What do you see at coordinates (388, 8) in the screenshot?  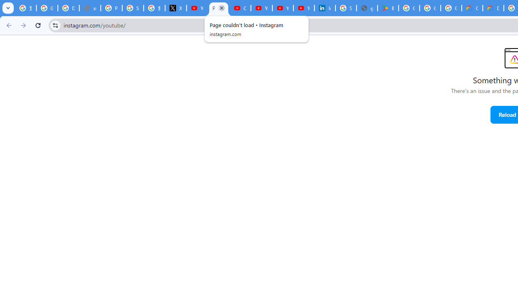 I see `'Bluey: Let'` at bounding box center [388, 8].